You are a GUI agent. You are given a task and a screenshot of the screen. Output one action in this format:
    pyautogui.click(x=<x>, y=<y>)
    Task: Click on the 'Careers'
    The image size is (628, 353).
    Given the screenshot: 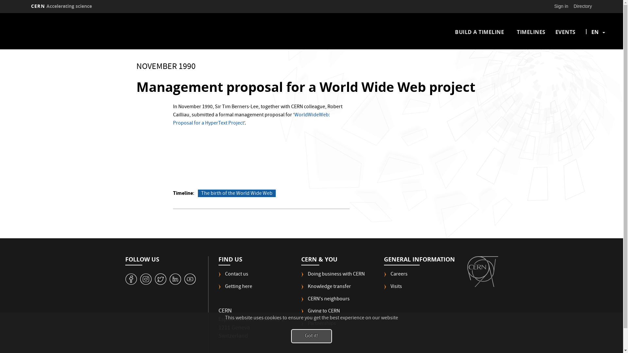 What is the action you would take?
    pyautogui.click(x=395, y=277)
    